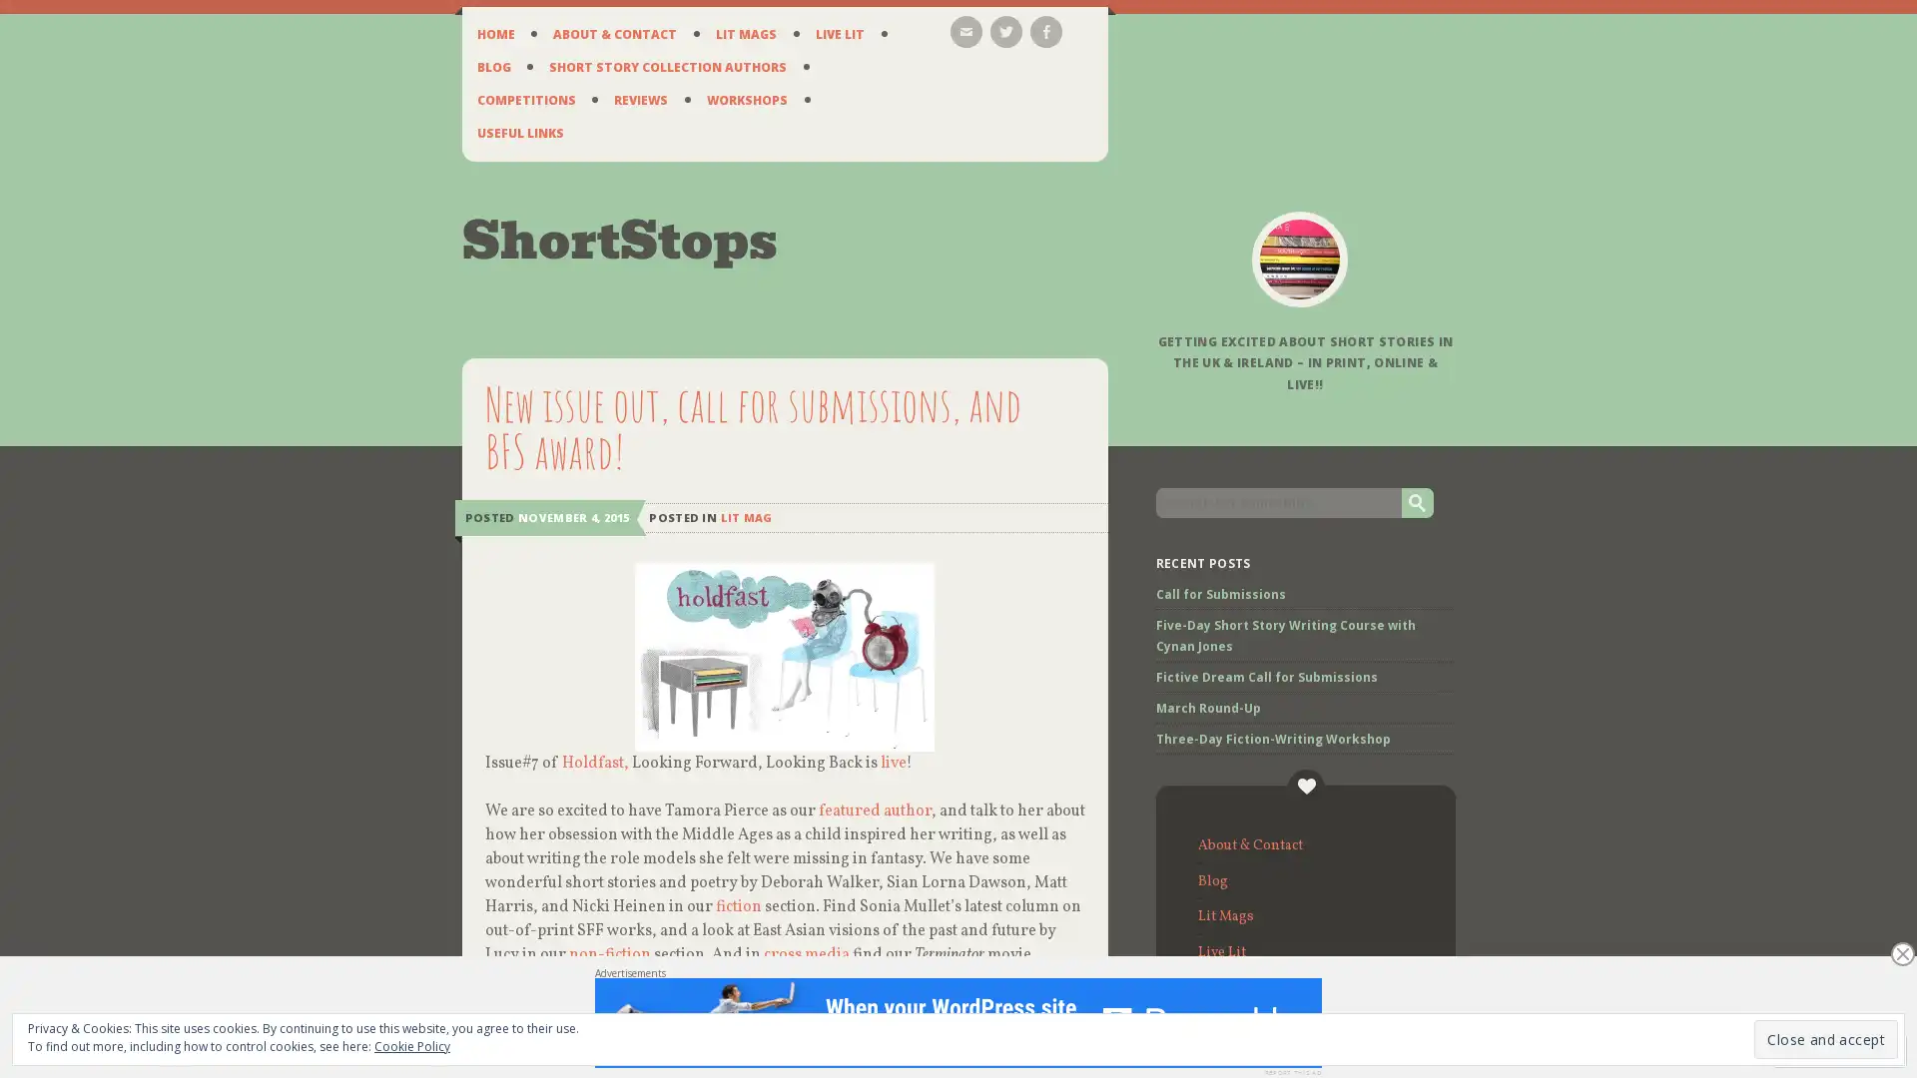 The image size is (1917, 1078). I want to click on Close and accept, so click(1825, 1038).